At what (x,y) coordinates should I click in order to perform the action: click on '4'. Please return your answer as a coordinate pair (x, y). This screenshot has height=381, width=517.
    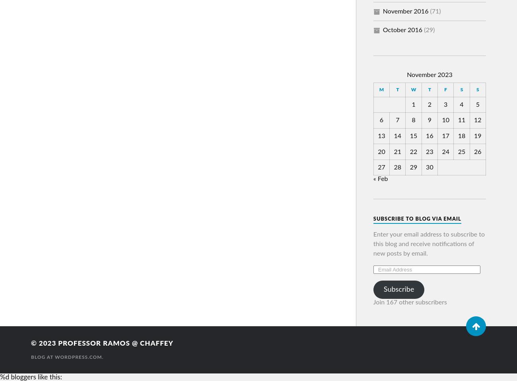
    Looking at the image, I should click on (459, 104).